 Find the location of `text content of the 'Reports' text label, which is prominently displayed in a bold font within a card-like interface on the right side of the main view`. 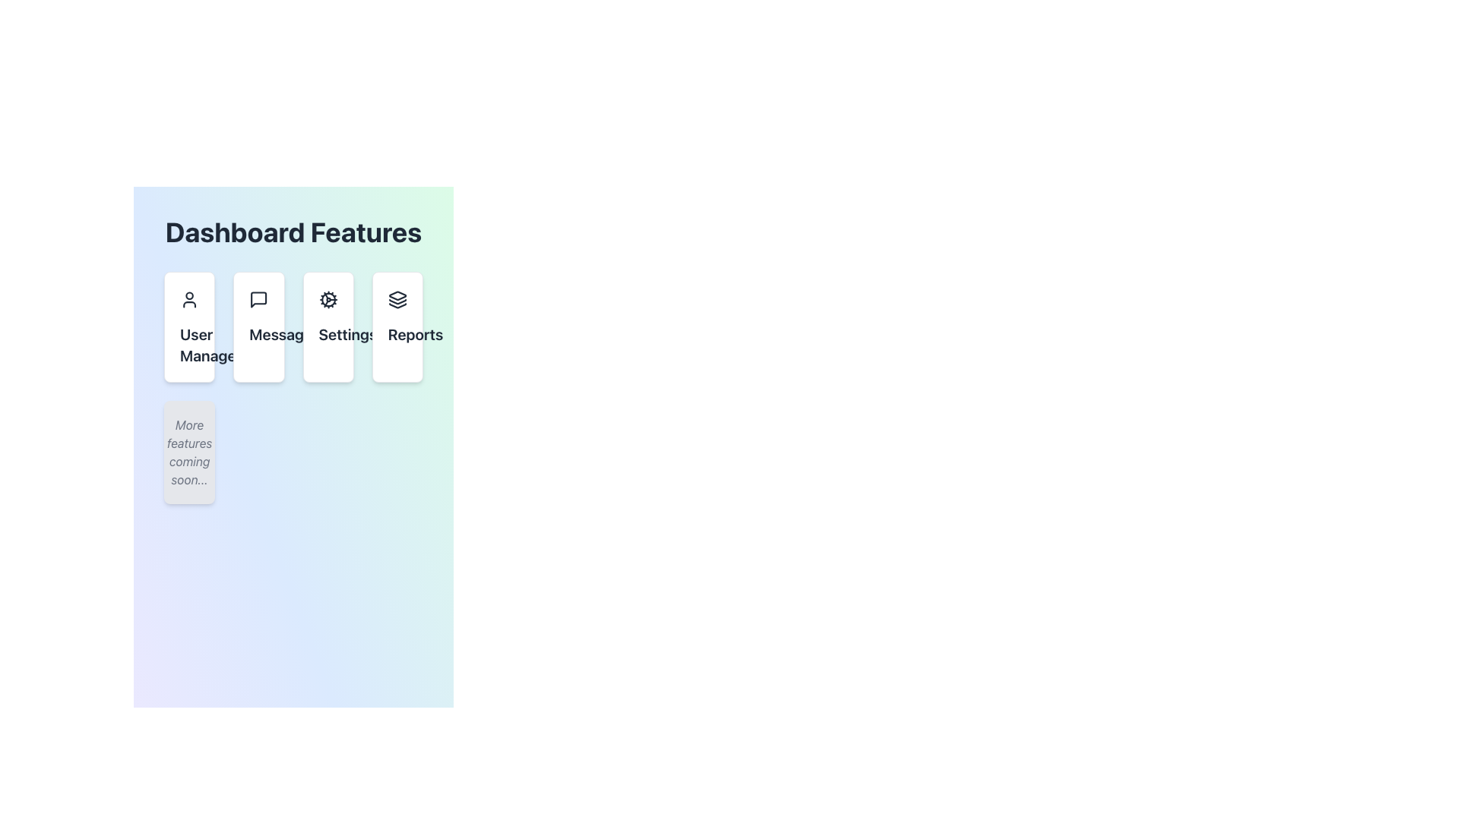

text content of the 'Reports' text label, which is prominently displayed in a bold font within a card-like interface on the right side of the main view is located at coordinates (397, 333).